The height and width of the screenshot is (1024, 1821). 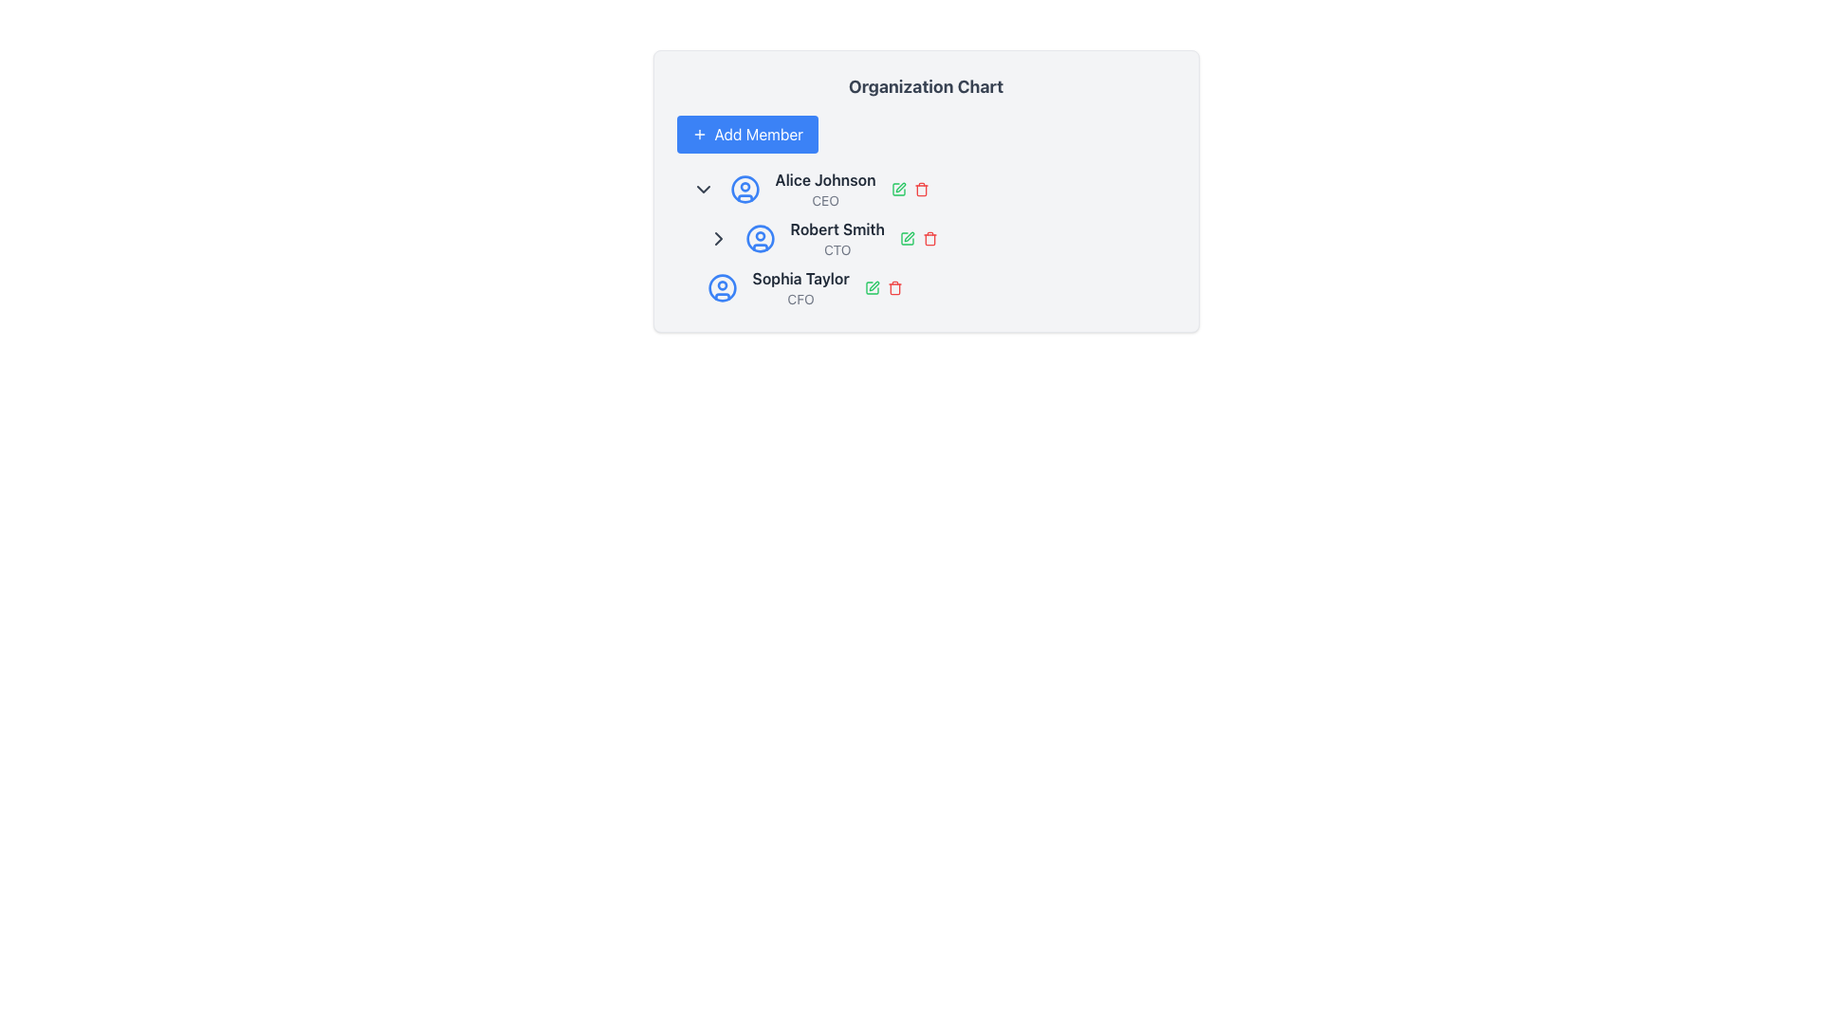 I want to click on the small vector icon resembling a pen or edit tool located on the right-hand side of the row for 'Alice Johnson' in the organization chart, so click(x=899, y=187).